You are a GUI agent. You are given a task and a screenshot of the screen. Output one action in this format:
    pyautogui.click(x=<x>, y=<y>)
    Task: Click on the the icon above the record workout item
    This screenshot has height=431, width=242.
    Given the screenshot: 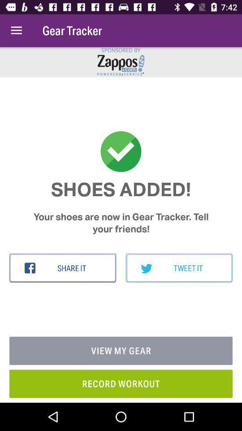 What is the action you would take?
    pyautogui.click(x=121, y=351)
    